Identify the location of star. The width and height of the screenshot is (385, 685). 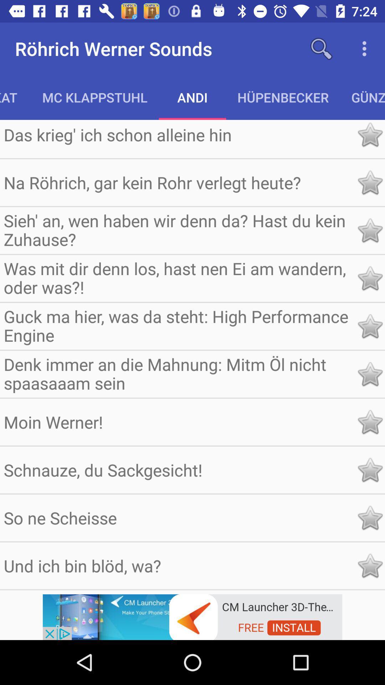
(369, 422).